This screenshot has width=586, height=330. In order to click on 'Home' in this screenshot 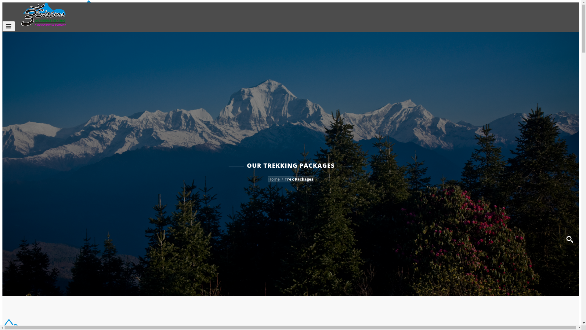, I will do `click(273, 179)`.